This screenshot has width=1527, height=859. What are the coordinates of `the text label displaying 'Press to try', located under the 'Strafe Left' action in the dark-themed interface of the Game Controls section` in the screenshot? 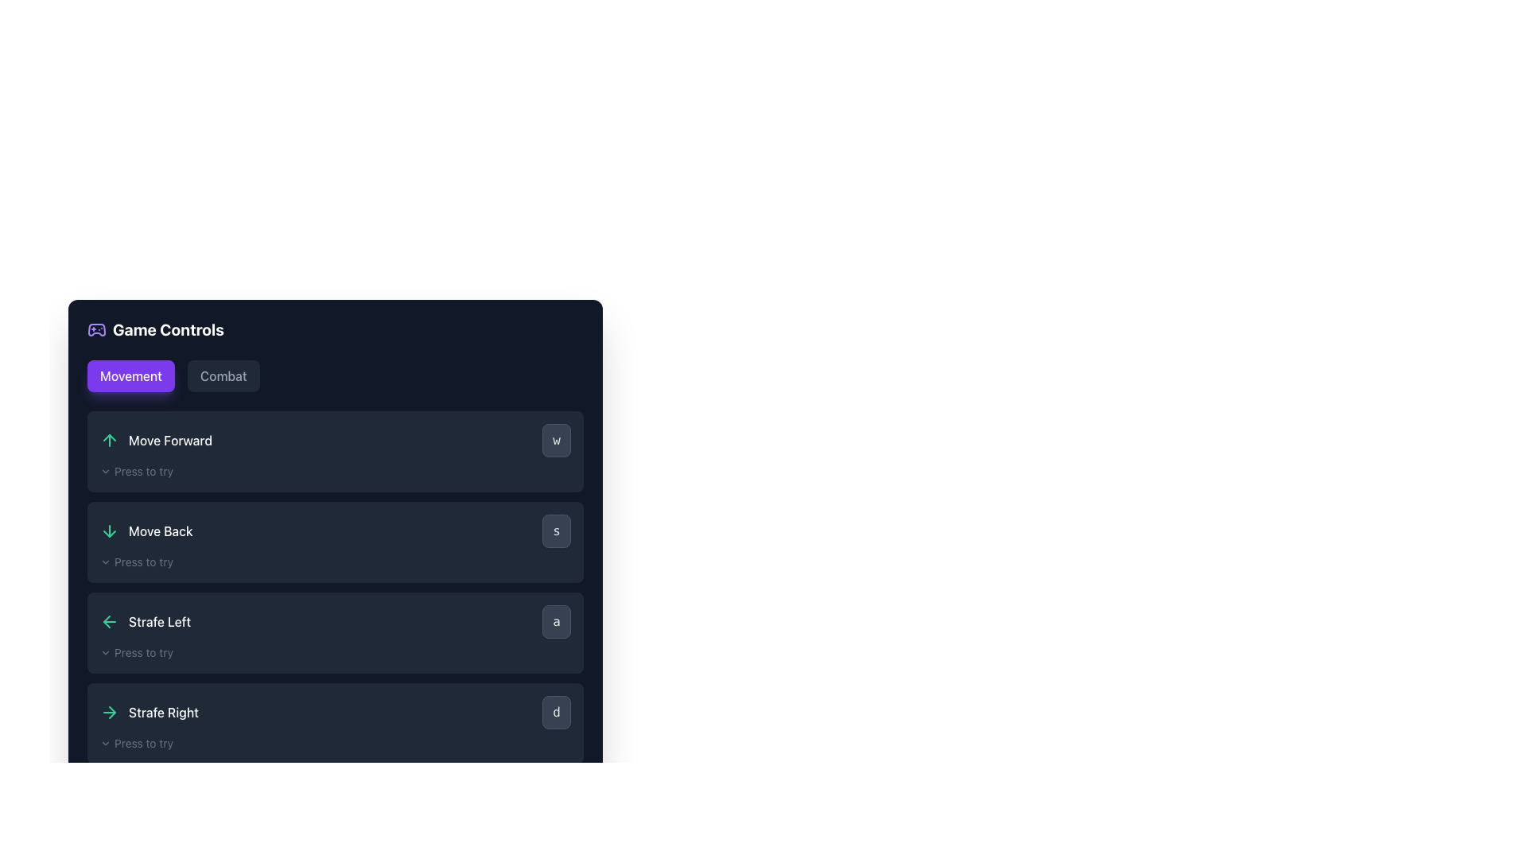 It's located at (144, 653).